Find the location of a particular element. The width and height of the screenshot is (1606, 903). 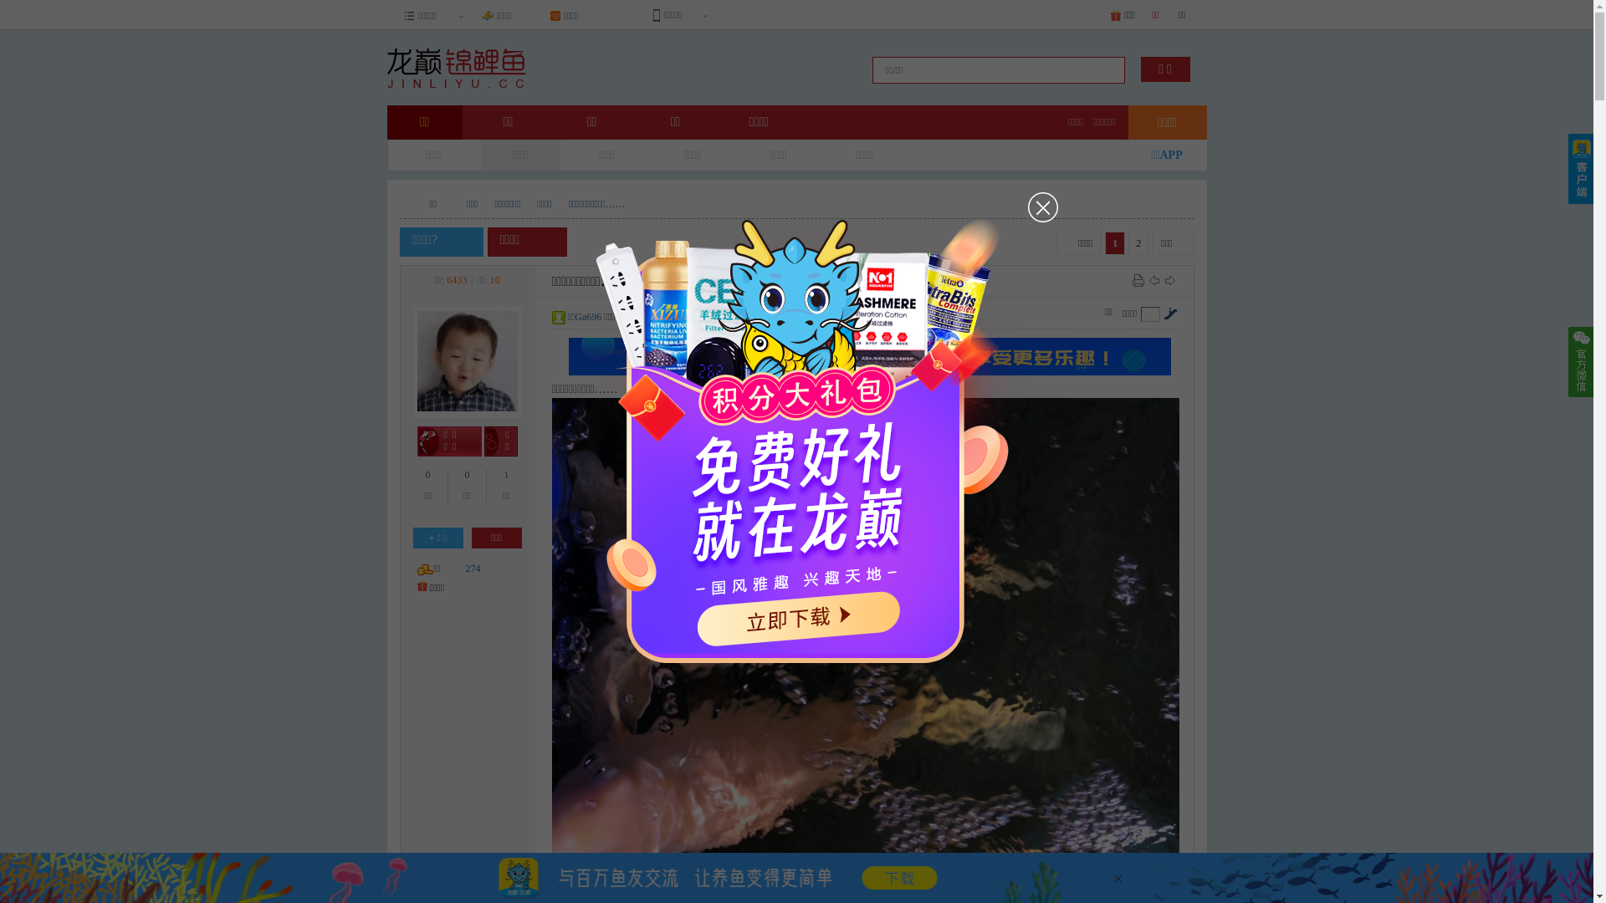

'1' is located at coordinates (502, 474).